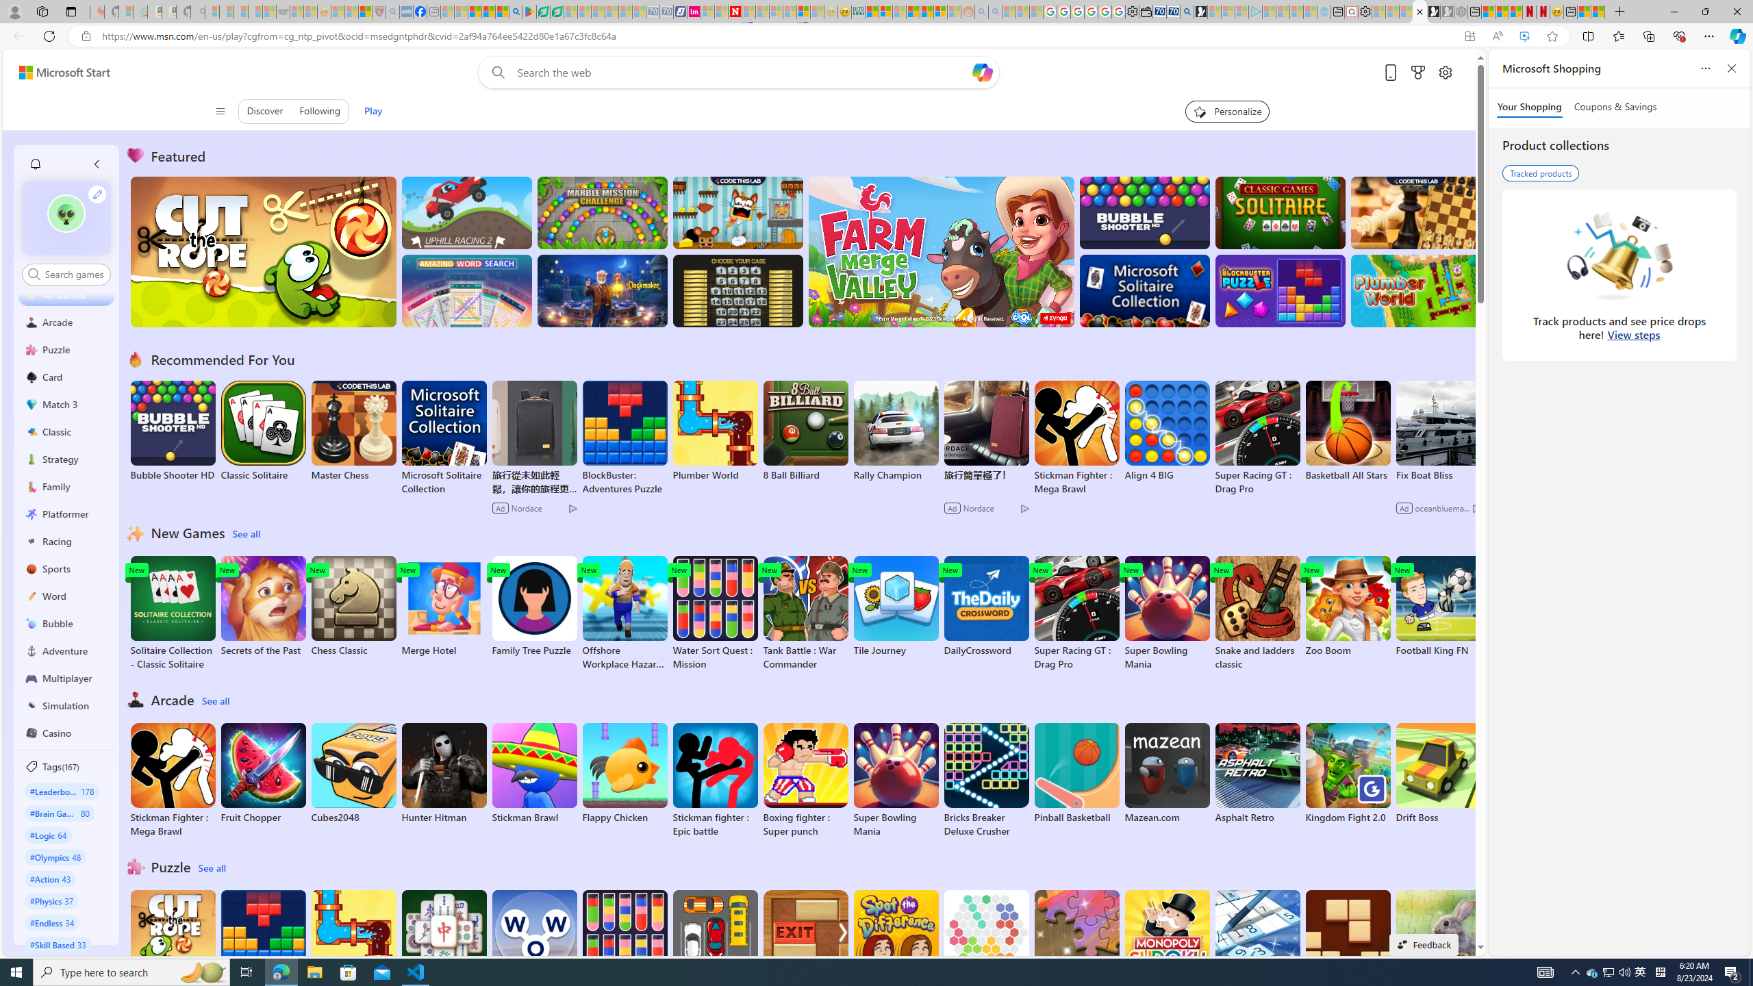 This screenshot has width=1753, height=986. Describe the element at coordinates (1348, 606) in the screenshot. I see `'Zoo Boom'` at that location.